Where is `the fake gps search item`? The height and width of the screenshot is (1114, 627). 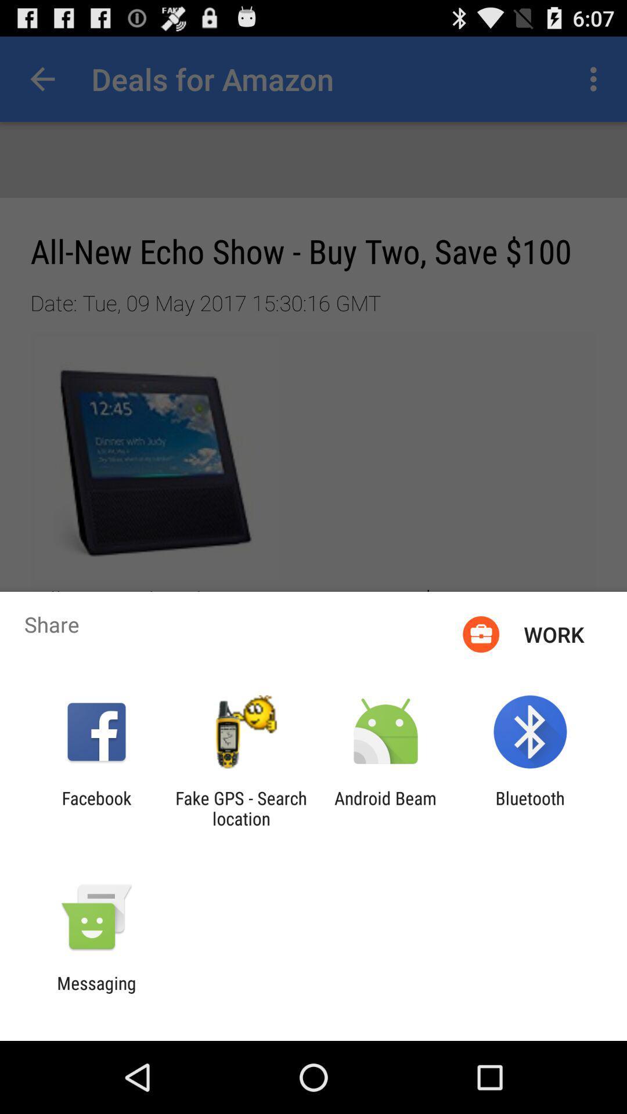 the fake gps search item is located at coordinates (240, 808).